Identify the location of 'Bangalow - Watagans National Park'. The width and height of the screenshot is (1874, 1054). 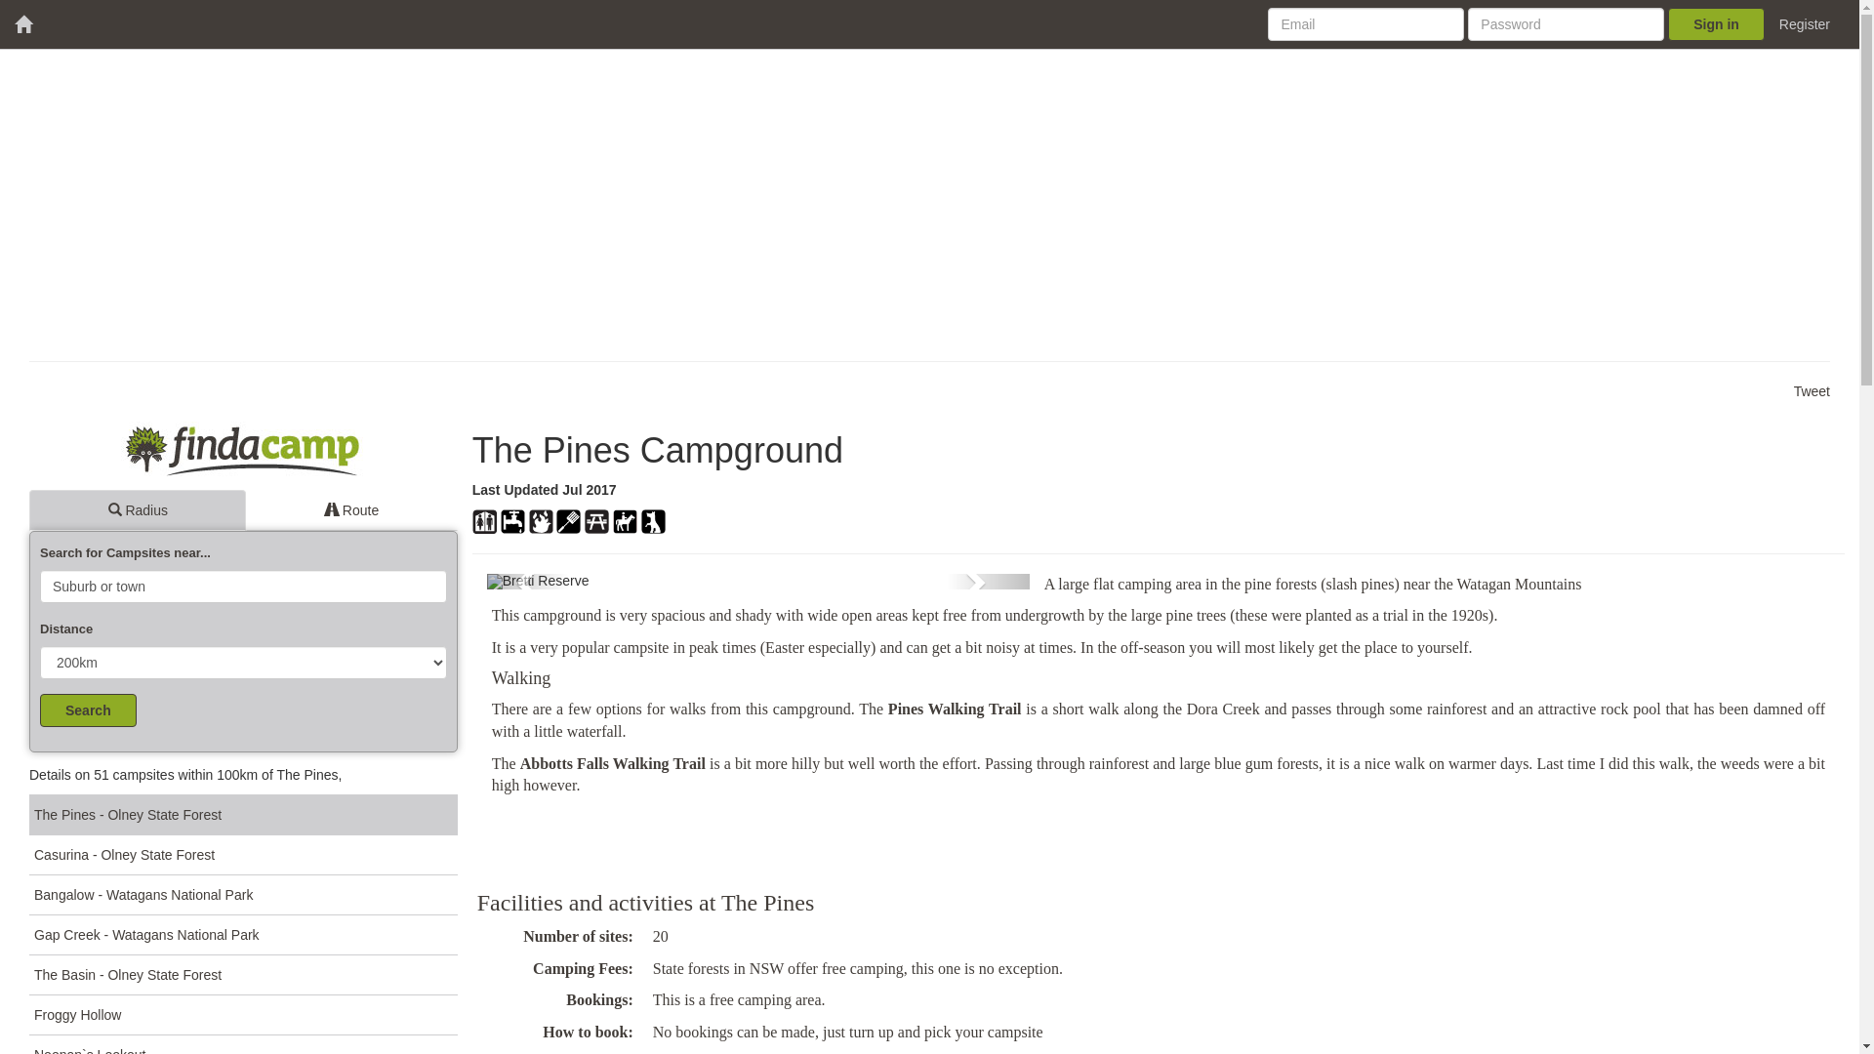
(242, 894).